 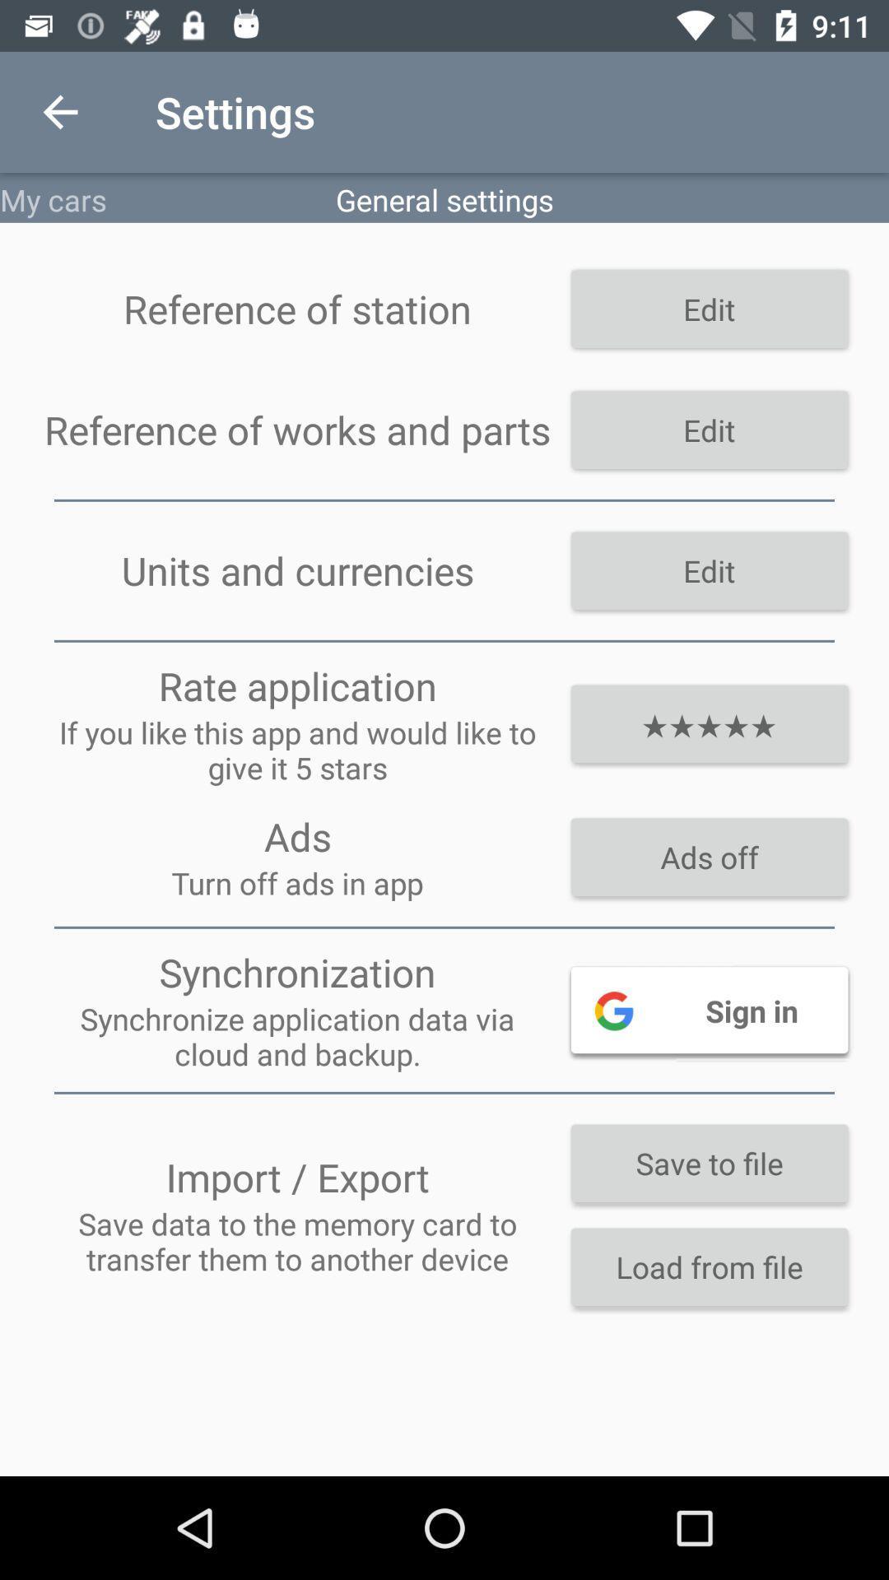 What do you see at coordinates (708, 1009) in the screenshot?
I see `sign in` at bounding box center [708, 1009].